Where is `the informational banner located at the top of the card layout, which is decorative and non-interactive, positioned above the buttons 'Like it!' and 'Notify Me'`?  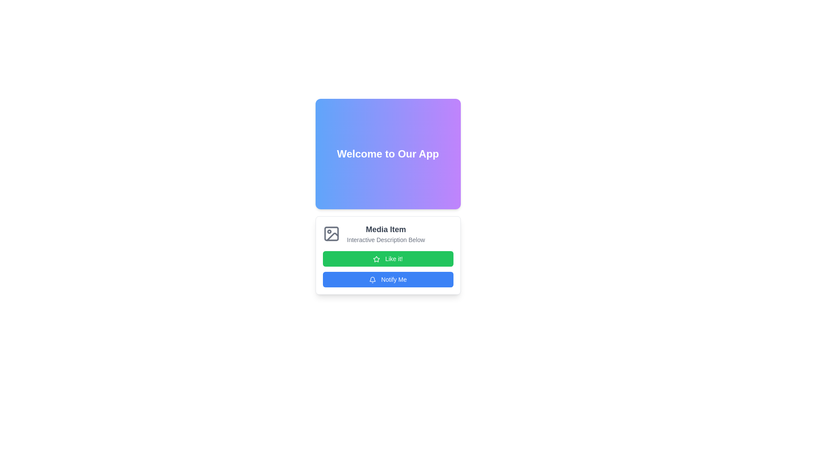
the informational banner located at the top of the card layout, which is decorative and non-interactive, positioned above the buttons 'Like it!' and 'Notify Me' is located at coordinates (387, 196).